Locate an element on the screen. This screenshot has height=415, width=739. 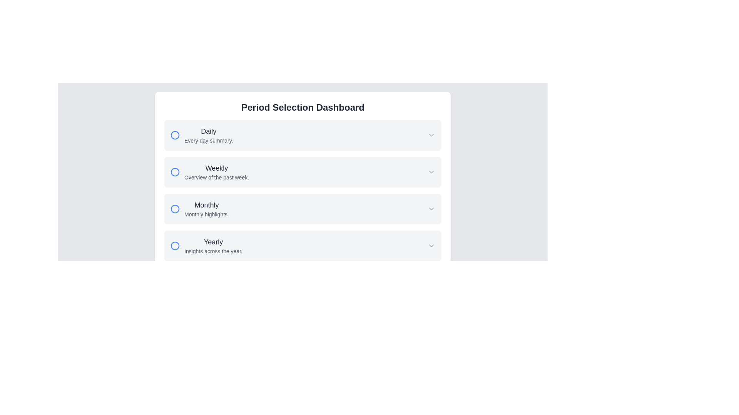
the downward pointing gray chevron icon next to the text 'Yearly' in the user interface is located at coordinates (431, 246).